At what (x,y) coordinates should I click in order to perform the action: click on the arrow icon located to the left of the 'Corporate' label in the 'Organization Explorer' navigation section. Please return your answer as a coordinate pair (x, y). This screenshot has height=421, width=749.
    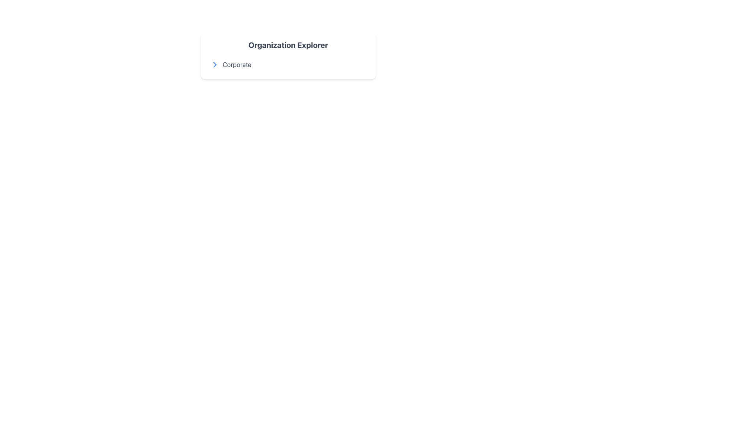
    Looking at the image, I should click on (215, 64).